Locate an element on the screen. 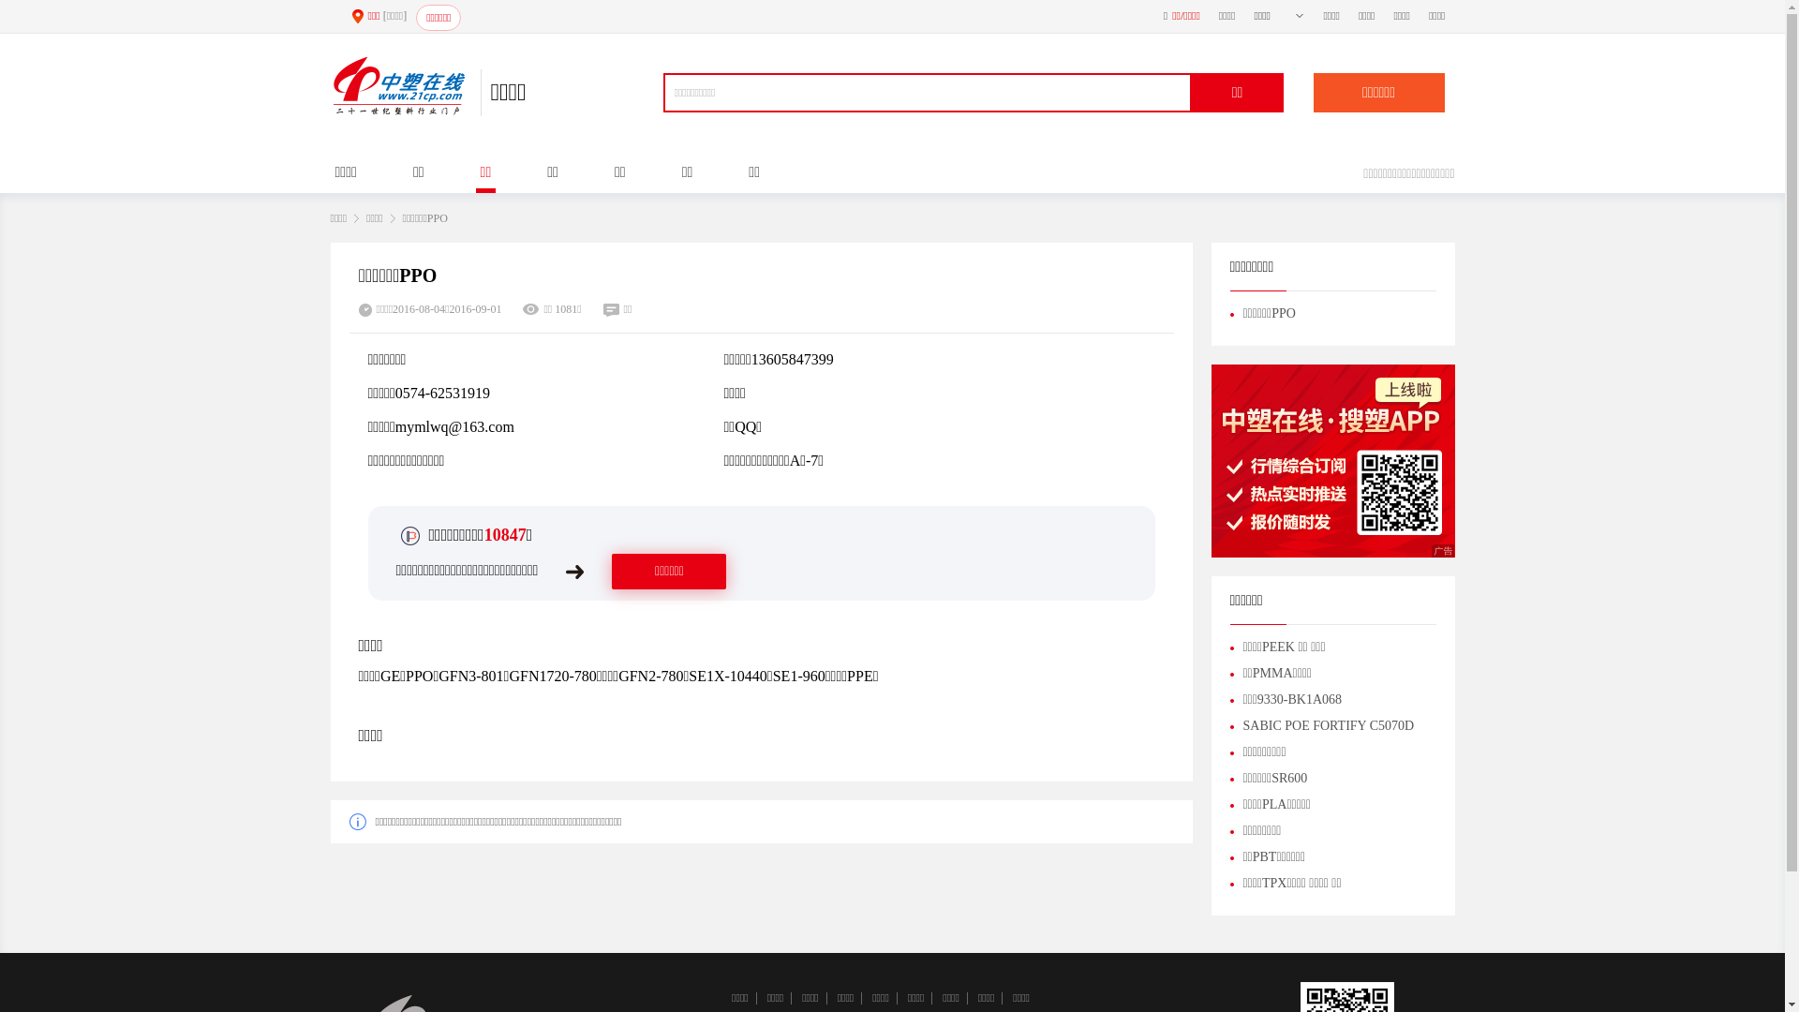  'SABIC POE FORTIFY C5070D' is located at coordinates (1320, 724).